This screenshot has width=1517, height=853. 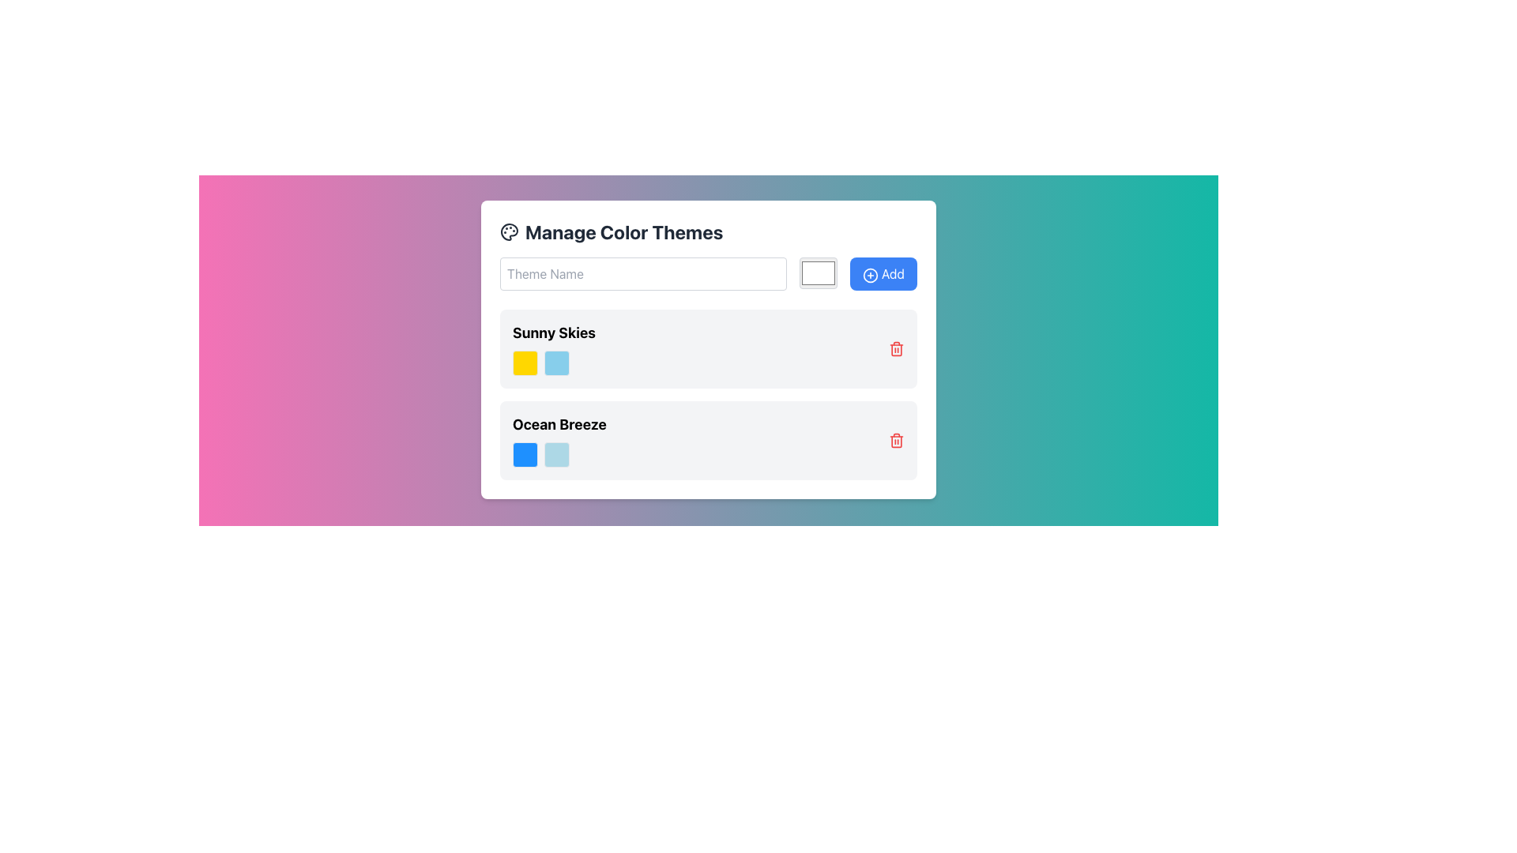 What do you see at coordinates (557, 454) in the screenshot?
I see `the light blue color preview box located under the 'Ocean Breeze' theme name, which is the second square in a horizontal grouping of two` at bounding box center [557, 454].